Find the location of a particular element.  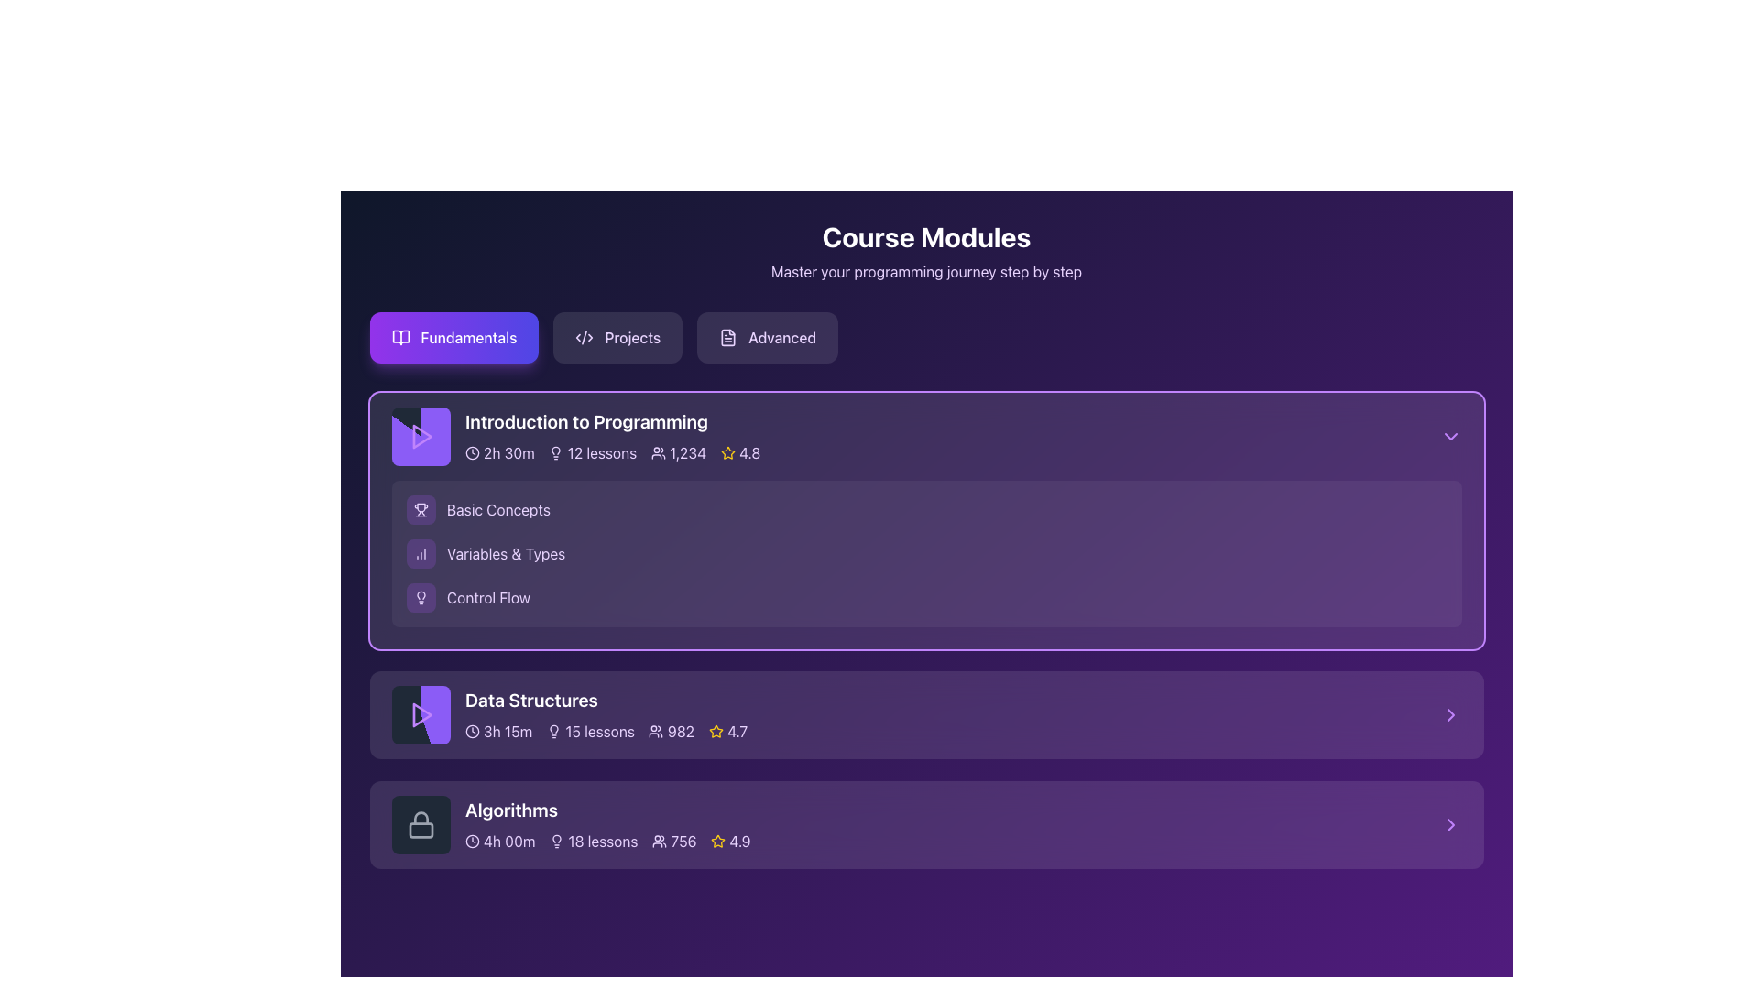

the text content of the duration indicator located in the 'Data Structures' section, which is the first element in a horizontal list detailing the course information is located at coordinates (497, 730).